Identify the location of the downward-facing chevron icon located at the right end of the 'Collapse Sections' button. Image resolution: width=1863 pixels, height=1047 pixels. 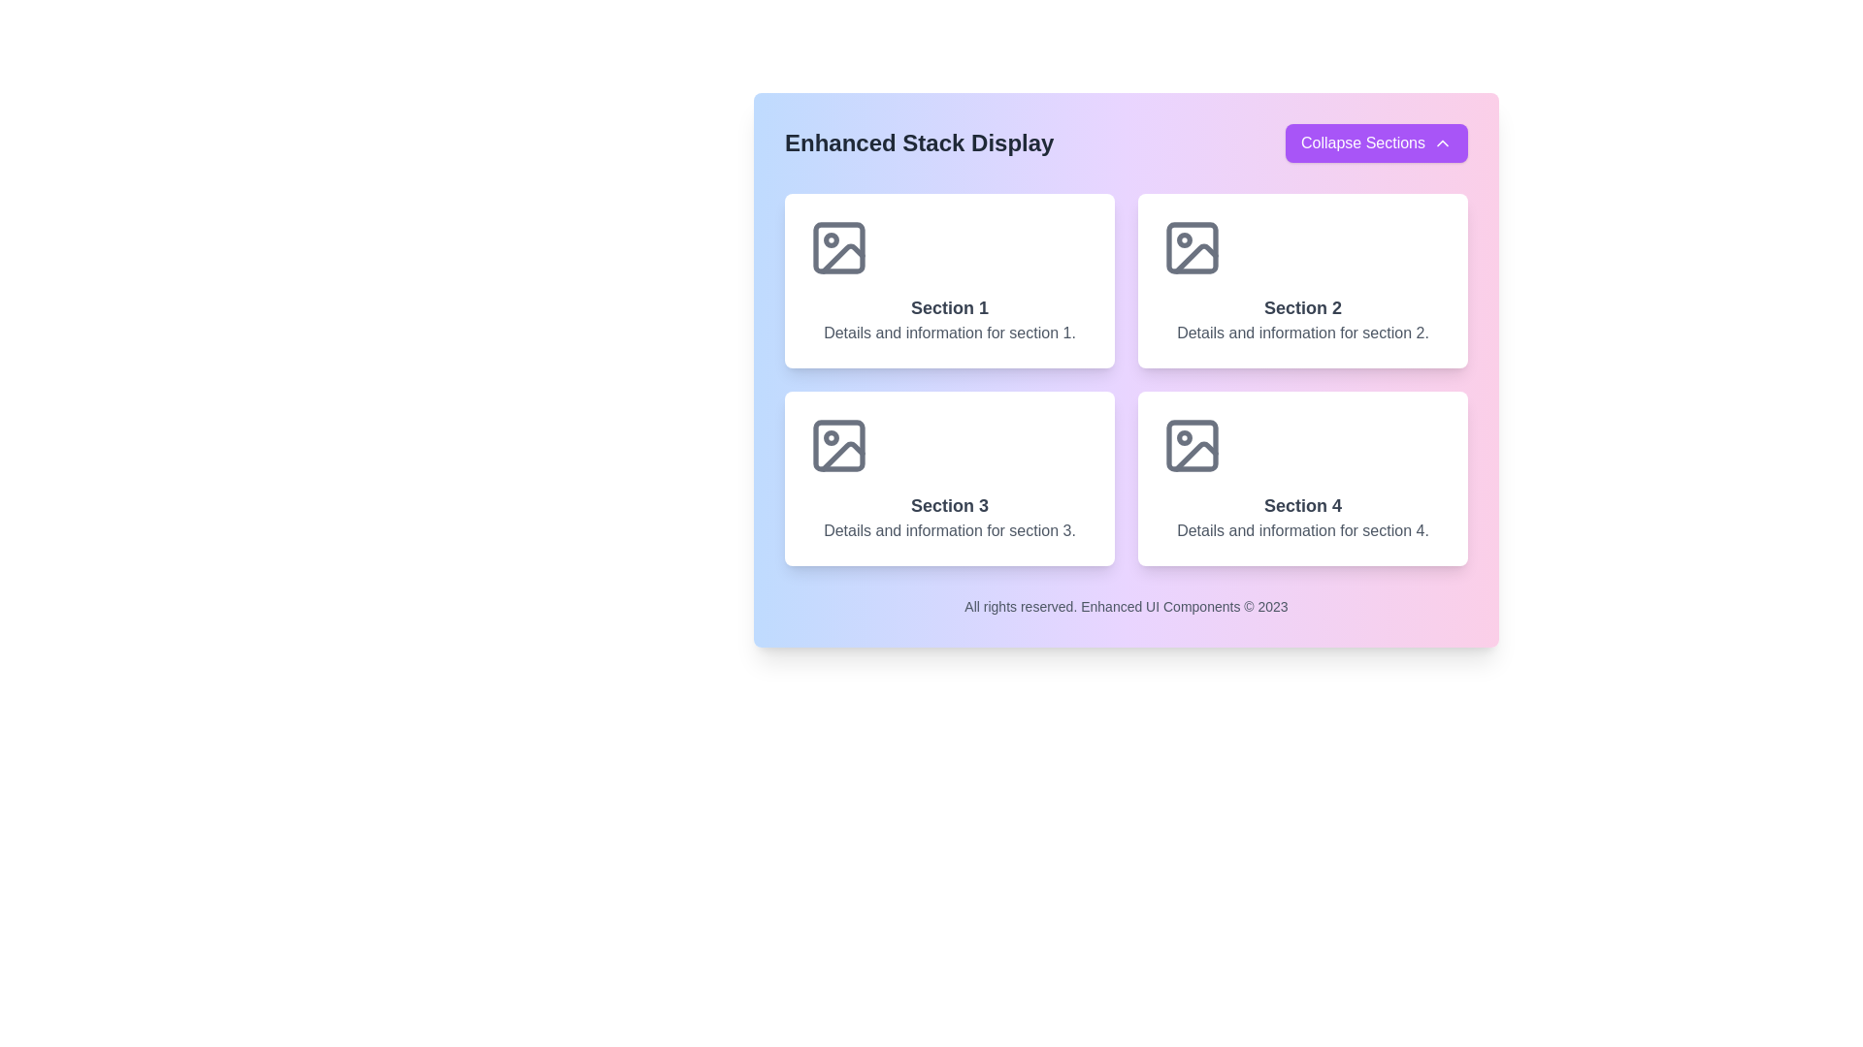
(1443, 142).